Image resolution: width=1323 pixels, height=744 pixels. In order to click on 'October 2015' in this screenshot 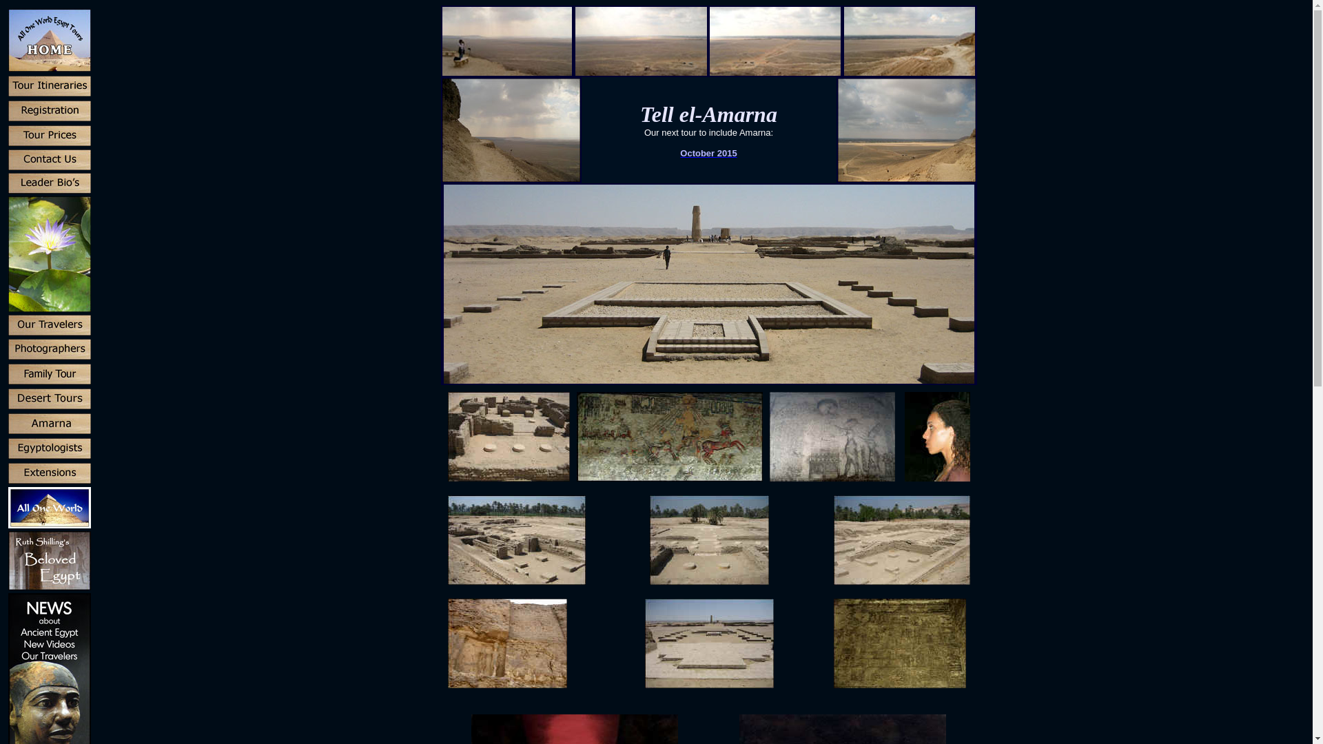, I will do `click(708, 152)`.